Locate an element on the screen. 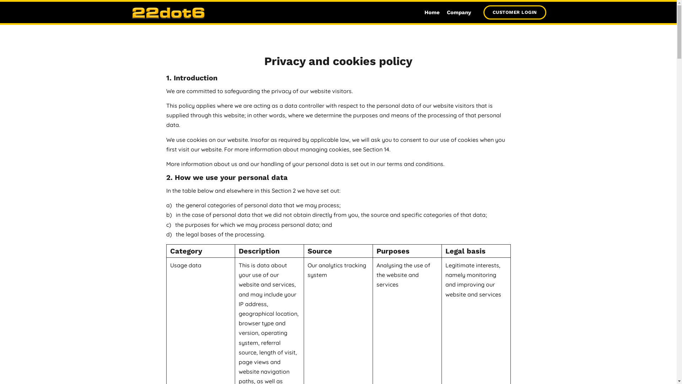  'Company' is located at coordinates (444, 12).